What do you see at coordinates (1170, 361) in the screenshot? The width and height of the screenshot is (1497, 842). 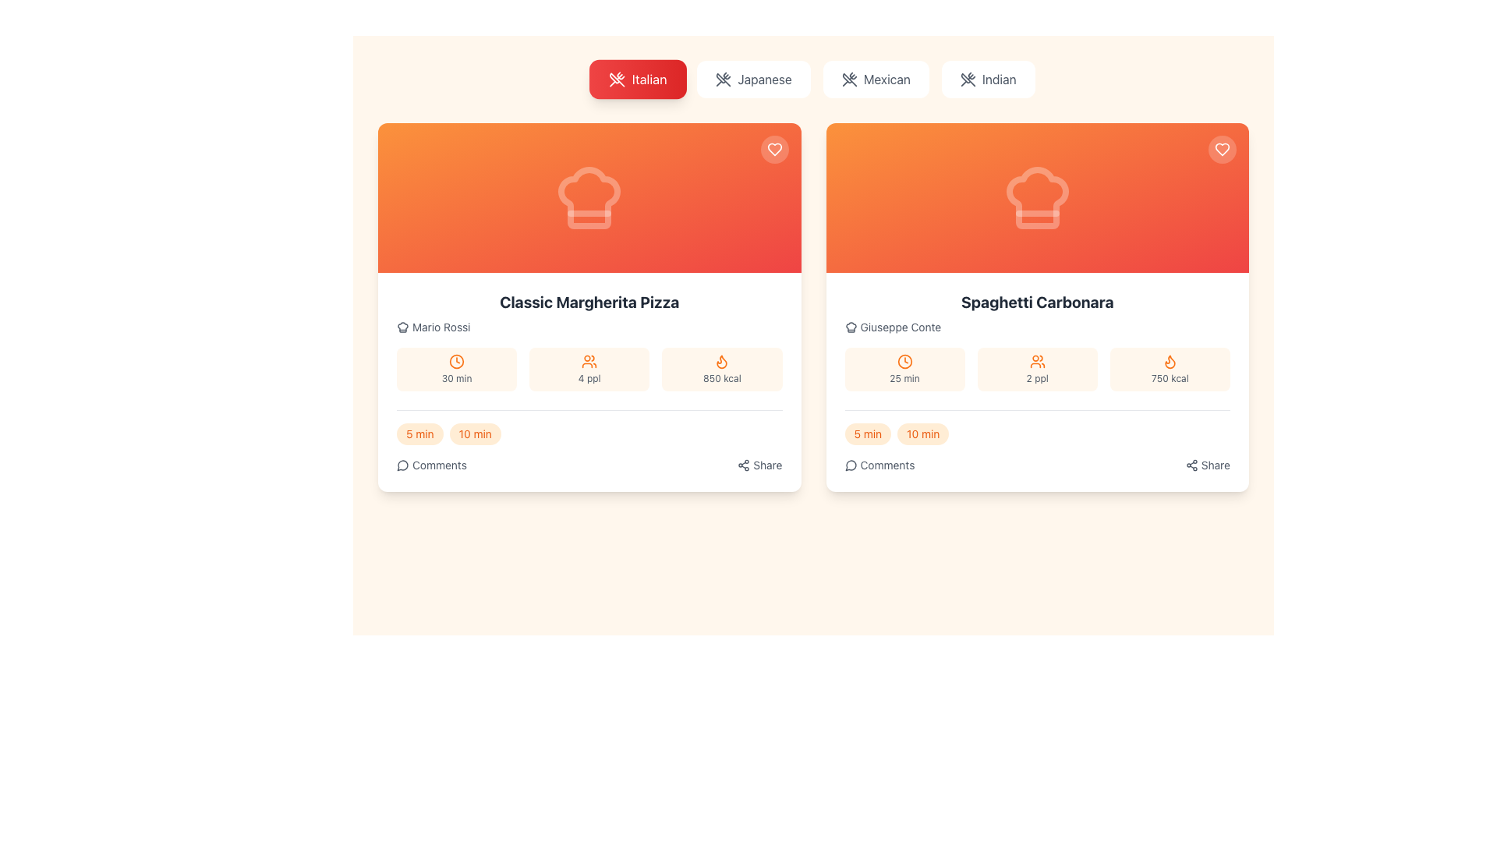 I see `the flame icon representing the calorie content of the 'Spaghetti Carbonara' dish` at bounding box center [1170, 361].